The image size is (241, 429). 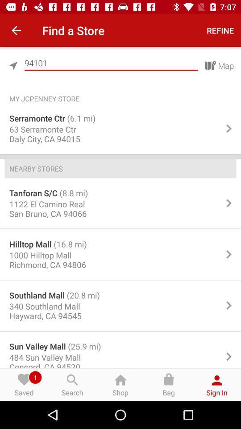 I want to click on the text field at the top of the page, so click(x=111, y=63).